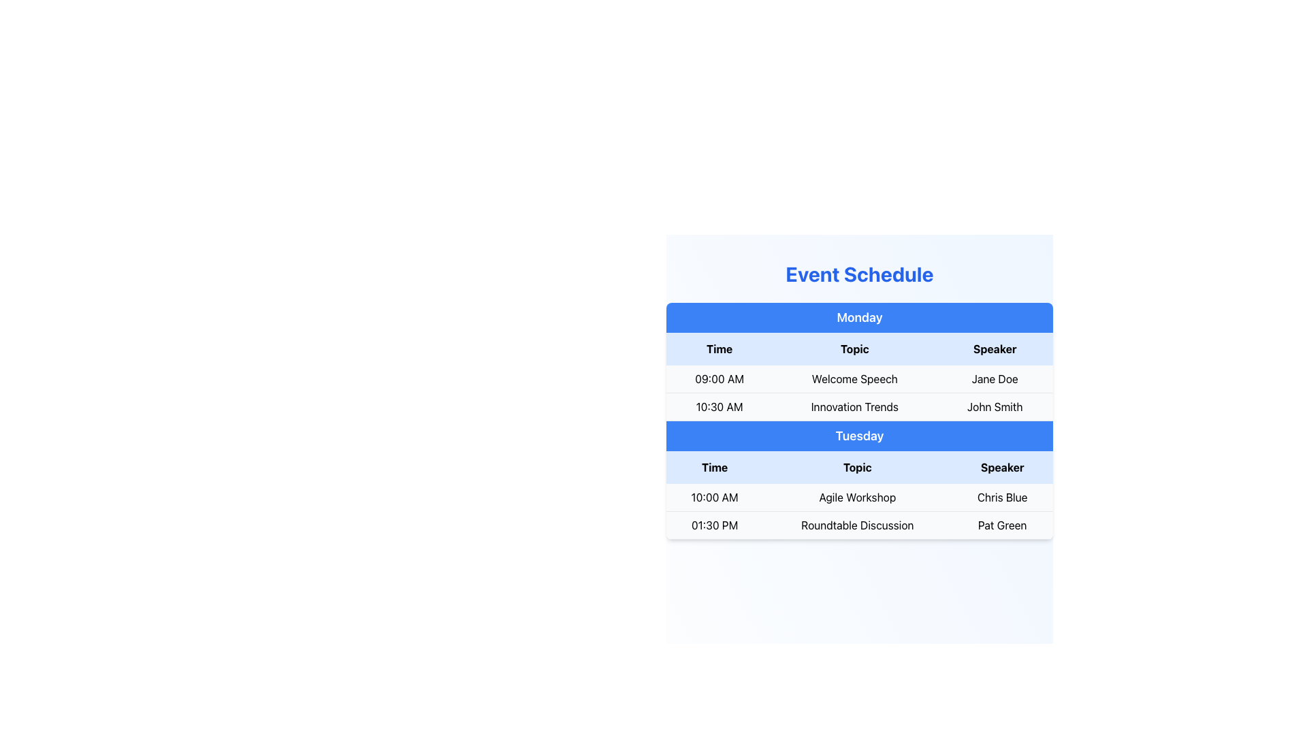 The image size is (1307, 735). Describe the element at coordinates (856, 466) in the screenshot. I see `the Table Header Cell displaying 'Topic' in bold black font, which is part of the header row between 'Time' and 'Speaker'` at that location.